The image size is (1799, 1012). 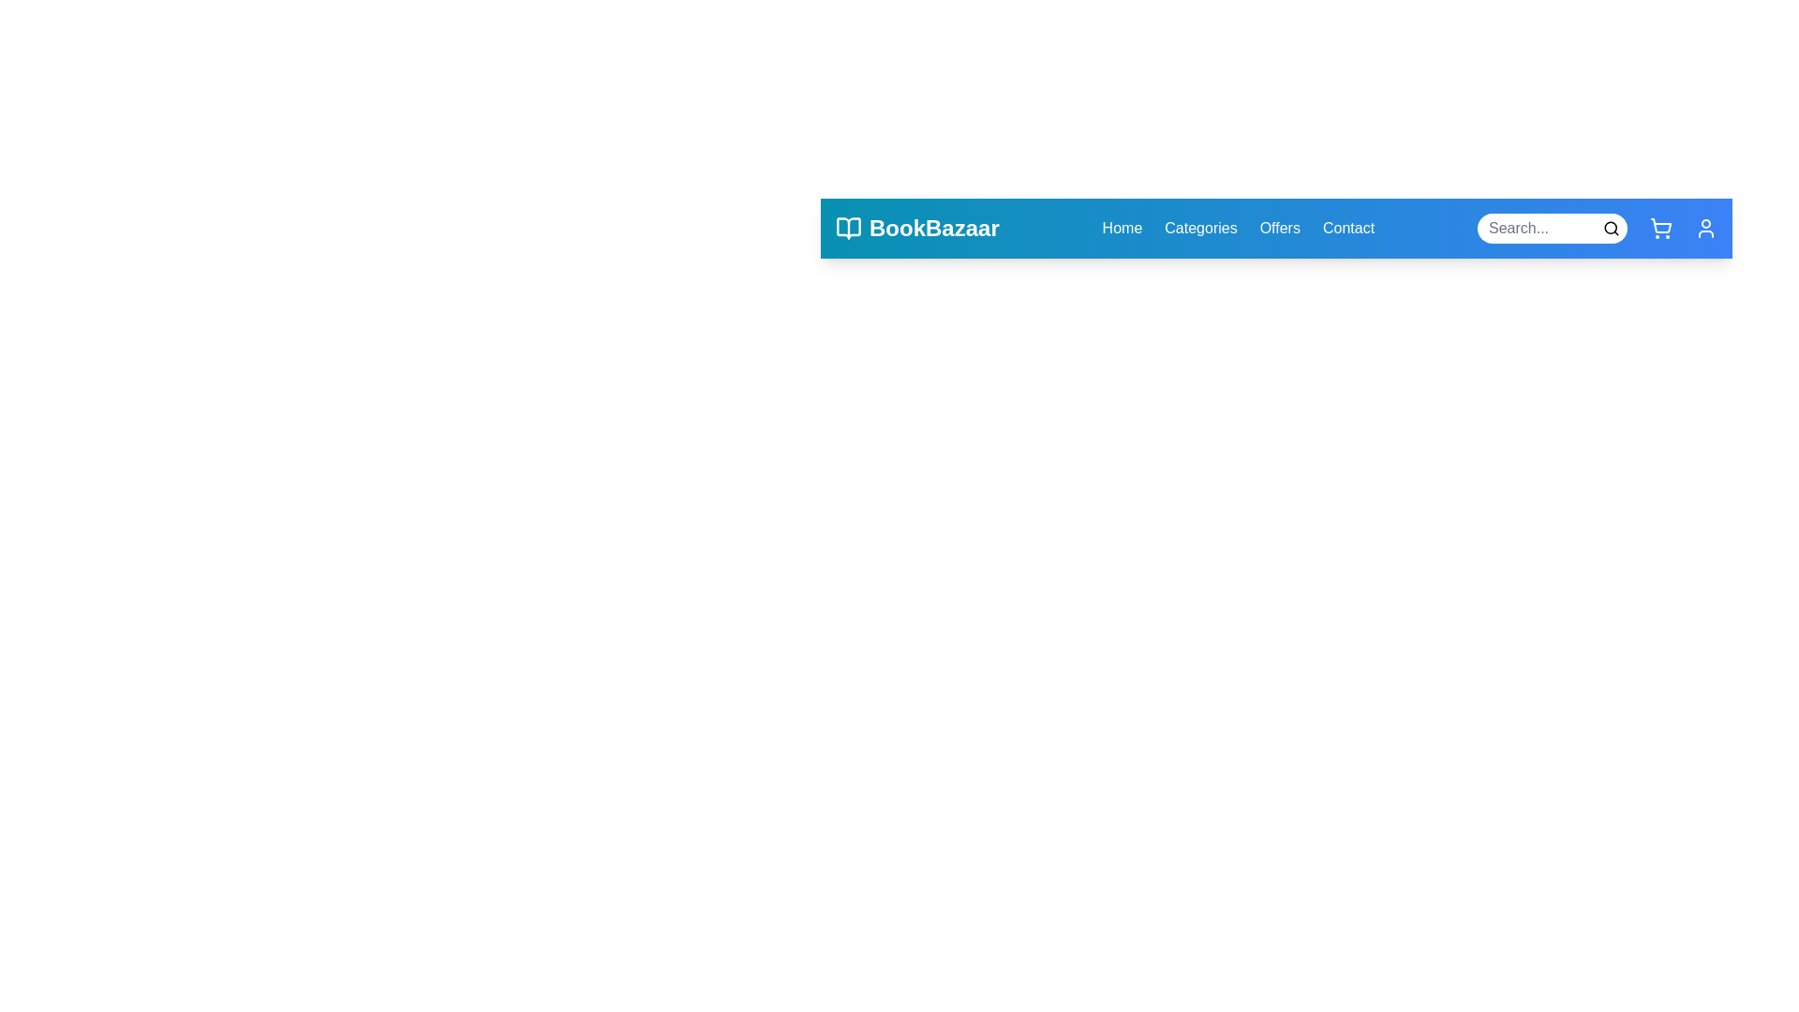 What do you see at coordinates (1552, 227) in the screenshot?
I see `the search bar to focus on it` at bounding box center [1552, 227].